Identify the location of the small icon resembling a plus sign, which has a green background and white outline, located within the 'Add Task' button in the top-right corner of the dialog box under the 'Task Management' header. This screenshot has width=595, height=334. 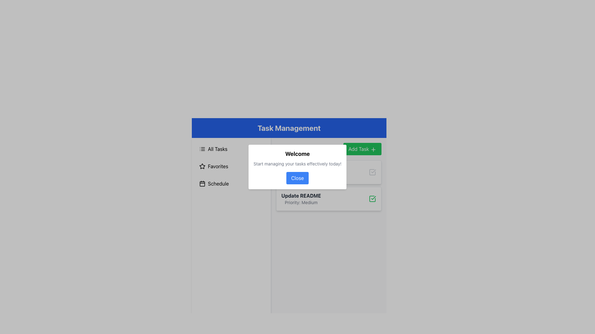
(373, 149).